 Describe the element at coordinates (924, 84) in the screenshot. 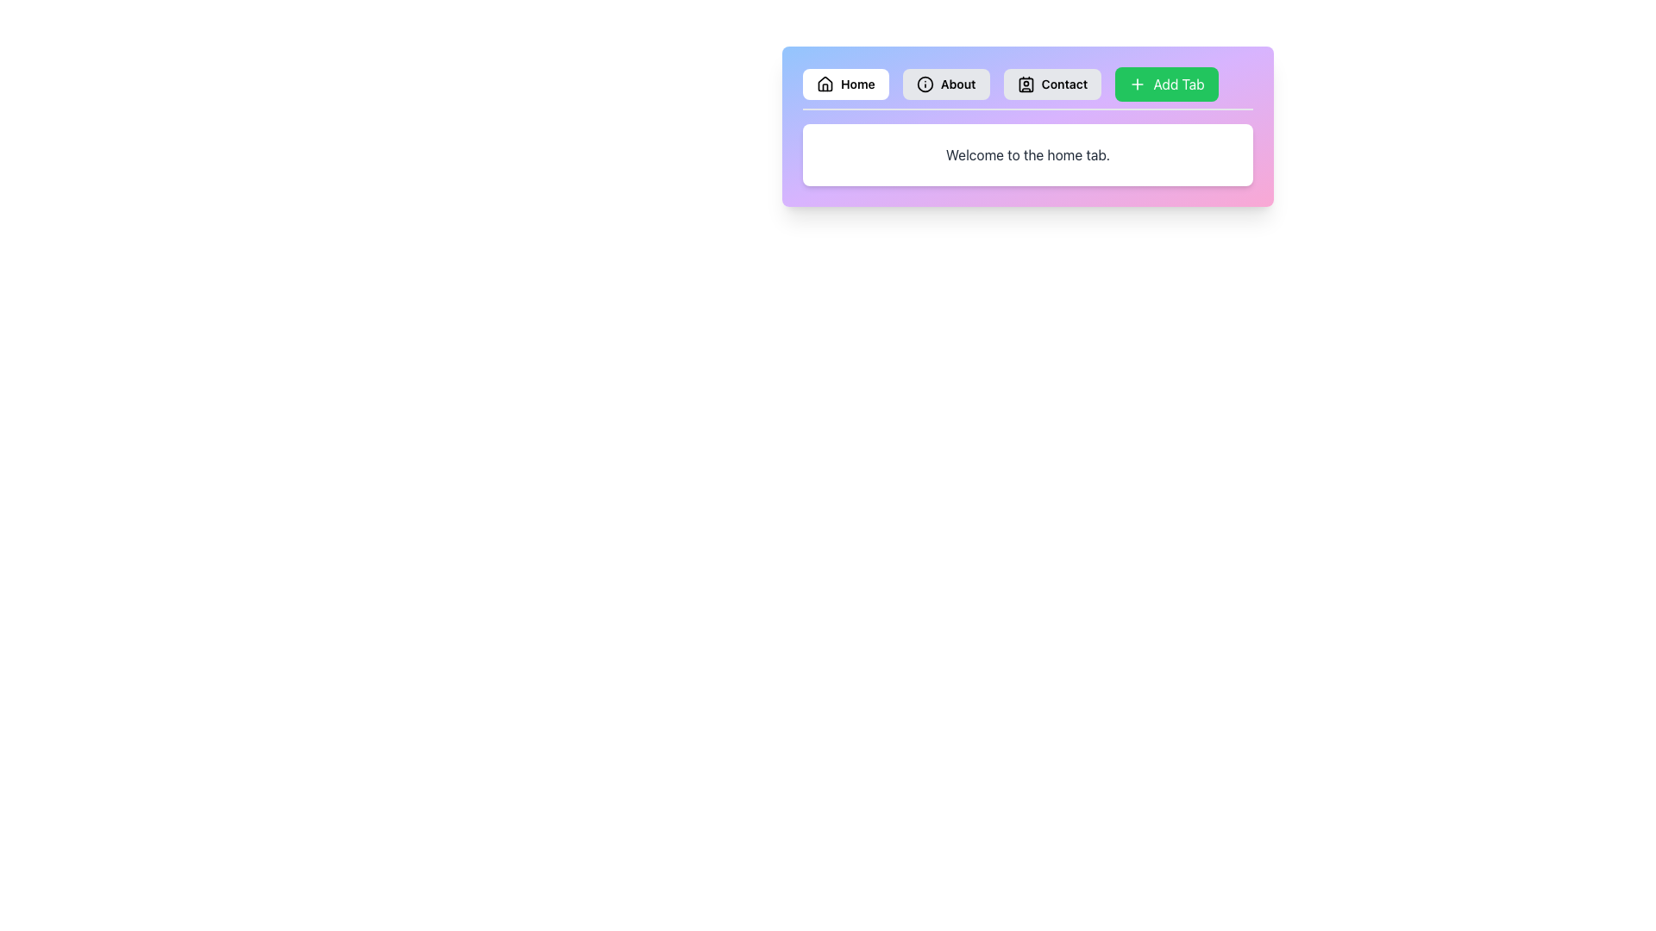

I see `the circular icon located to the left of the 'About' button within the horizontal navigation menu, which symbolizes additional information` at that location.